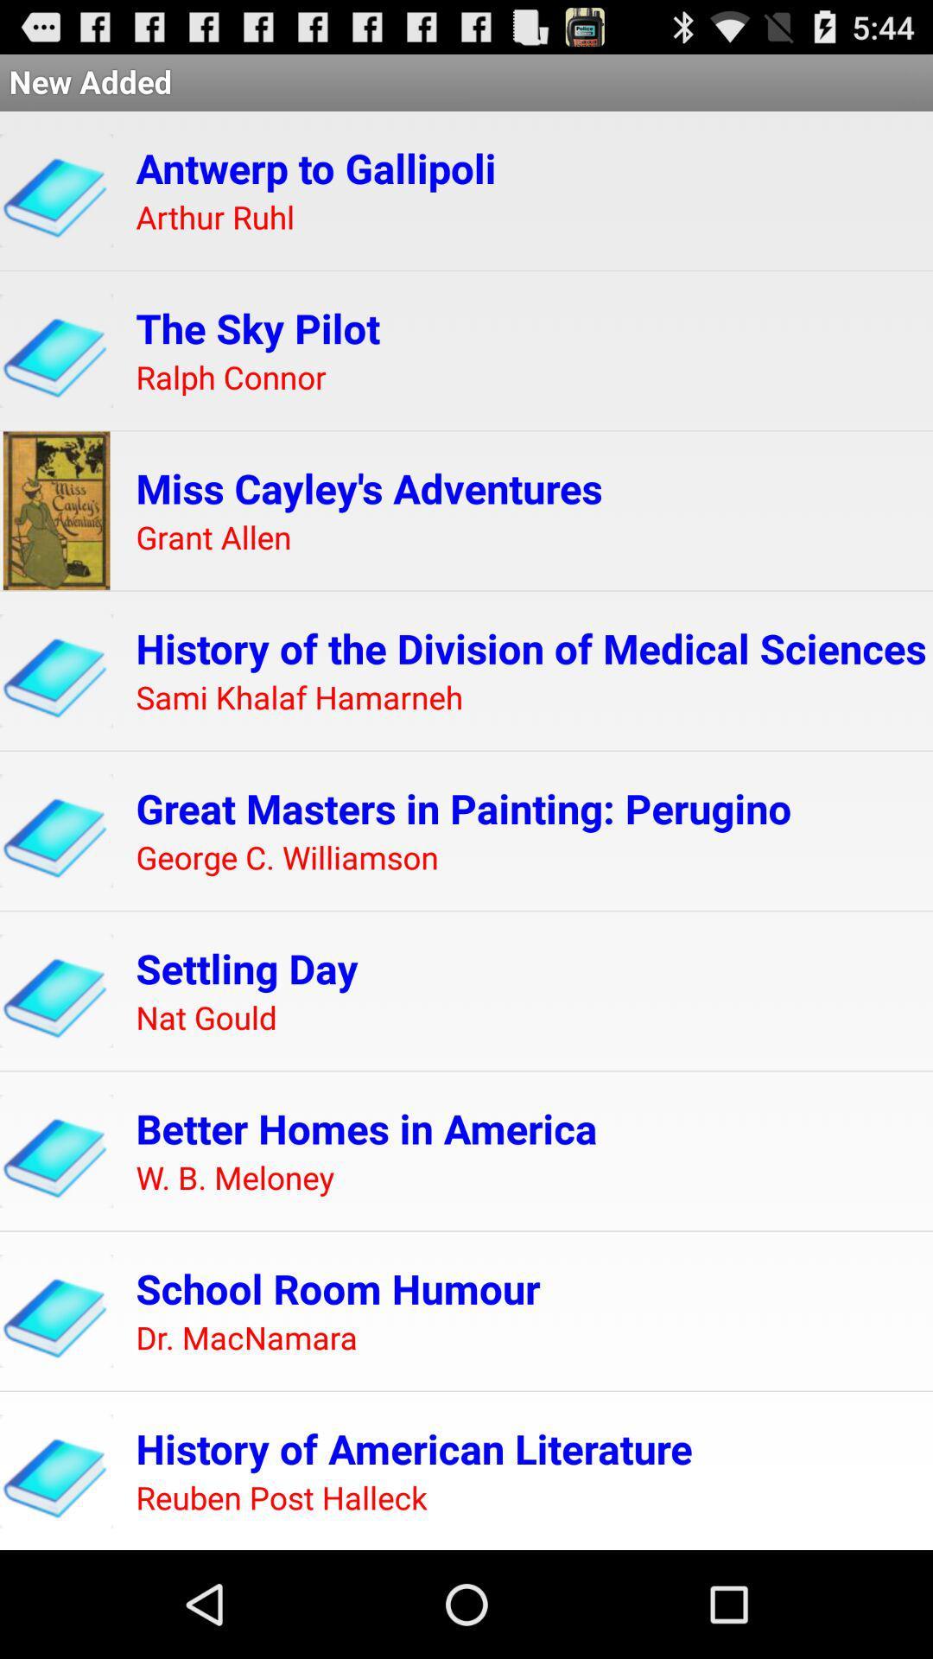  What do you see at coordinates (338, 1288) in the screenshot?
I see `the school room humour` at bounding box center [338, 1288].